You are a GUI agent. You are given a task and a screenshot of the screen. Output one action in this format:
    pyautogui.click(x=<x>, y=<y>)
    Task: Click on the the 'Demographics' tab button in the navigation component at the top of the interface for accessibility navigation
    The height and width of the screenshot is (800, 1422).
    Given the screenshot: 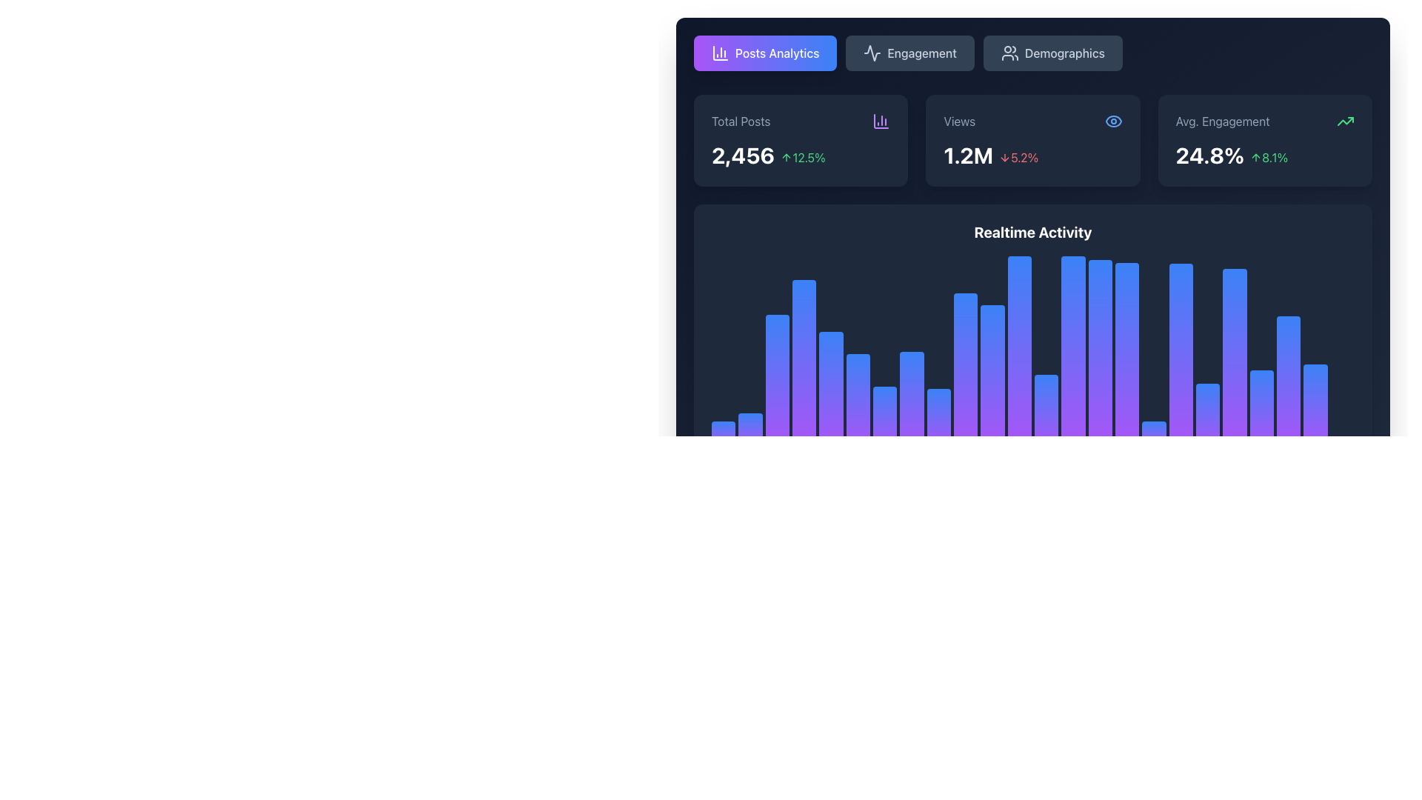 What is the action you would take?
    pyautogui.click(x=1032, y=53)
    